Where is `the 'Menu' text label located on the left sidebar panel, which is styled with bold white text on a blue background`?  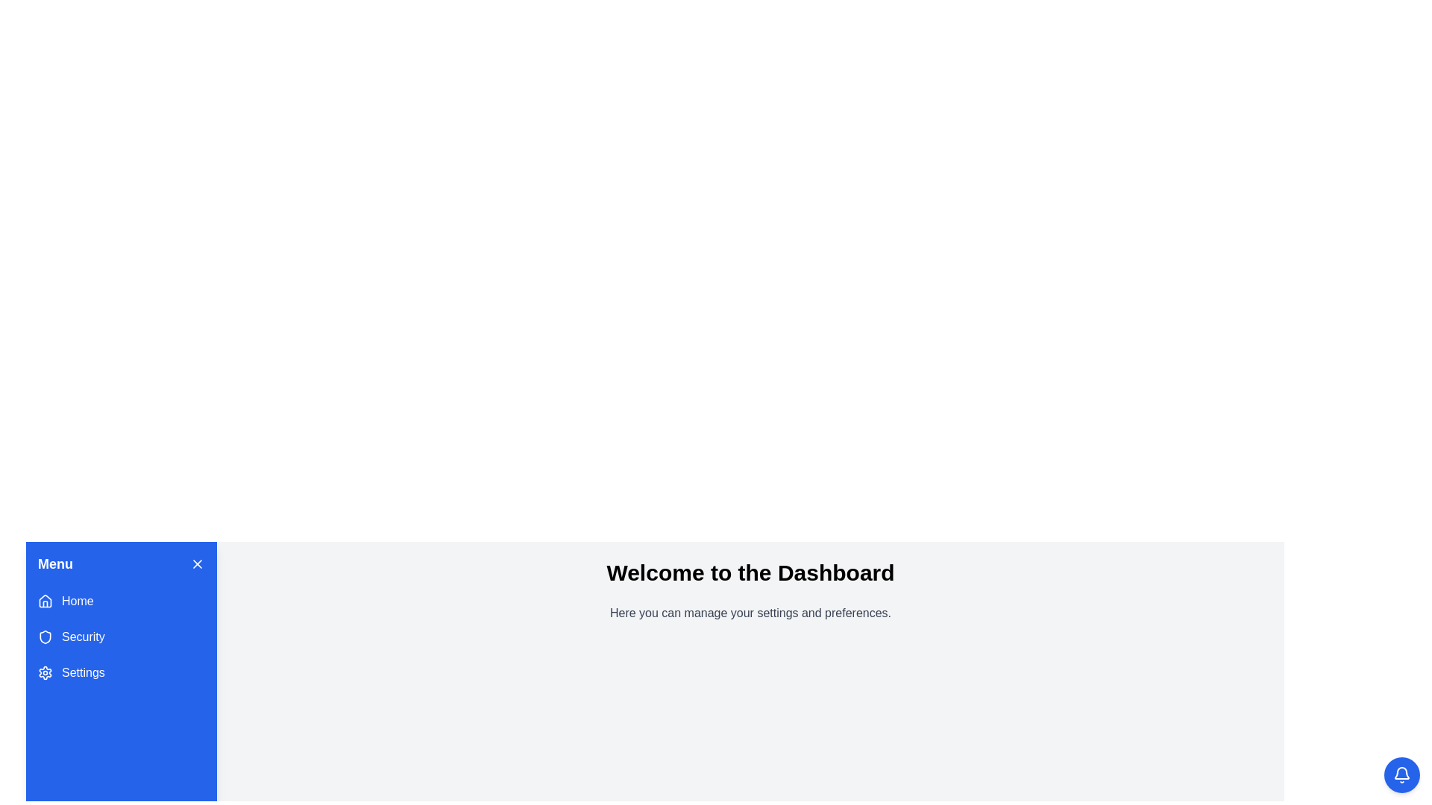 the 'Menu' text label located on the left sidebar panel, which is styled with bold white text on a blue background is located at coordinates (55, 563).